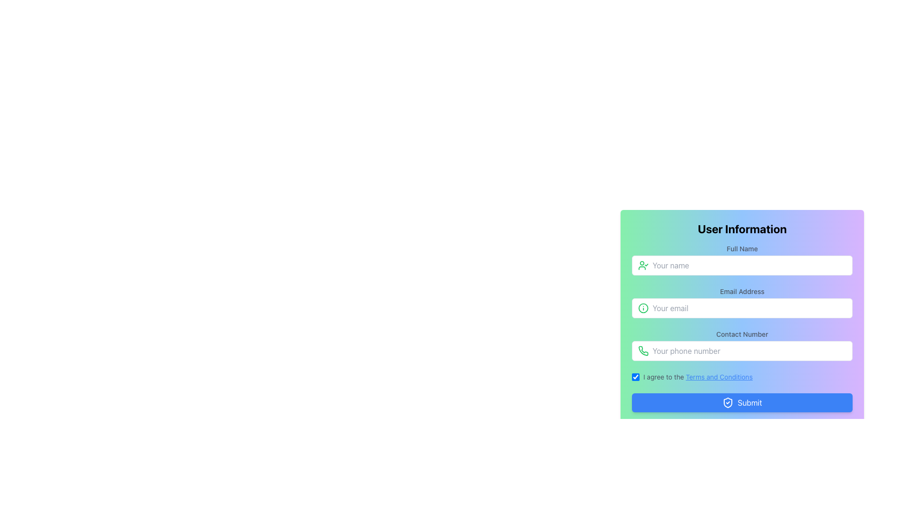 This screenshot has height=513, width=913. What do you see at coordinates (698, 377) in the screenshot?
I see `the hyperlink 'Terms and Conditions' which is located to the right of the checkbox and above the 'Submit' button in the form` at bounding box center [698, 377].